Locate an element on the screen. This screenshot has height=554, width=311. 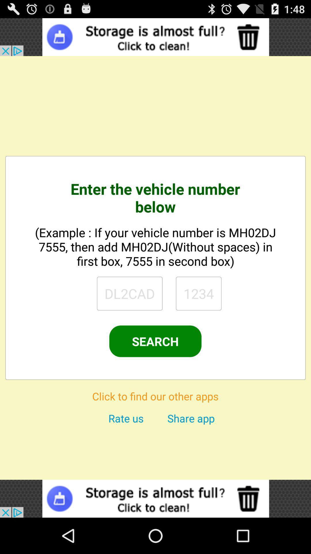
delete the app is located at coordinates (155, 498).